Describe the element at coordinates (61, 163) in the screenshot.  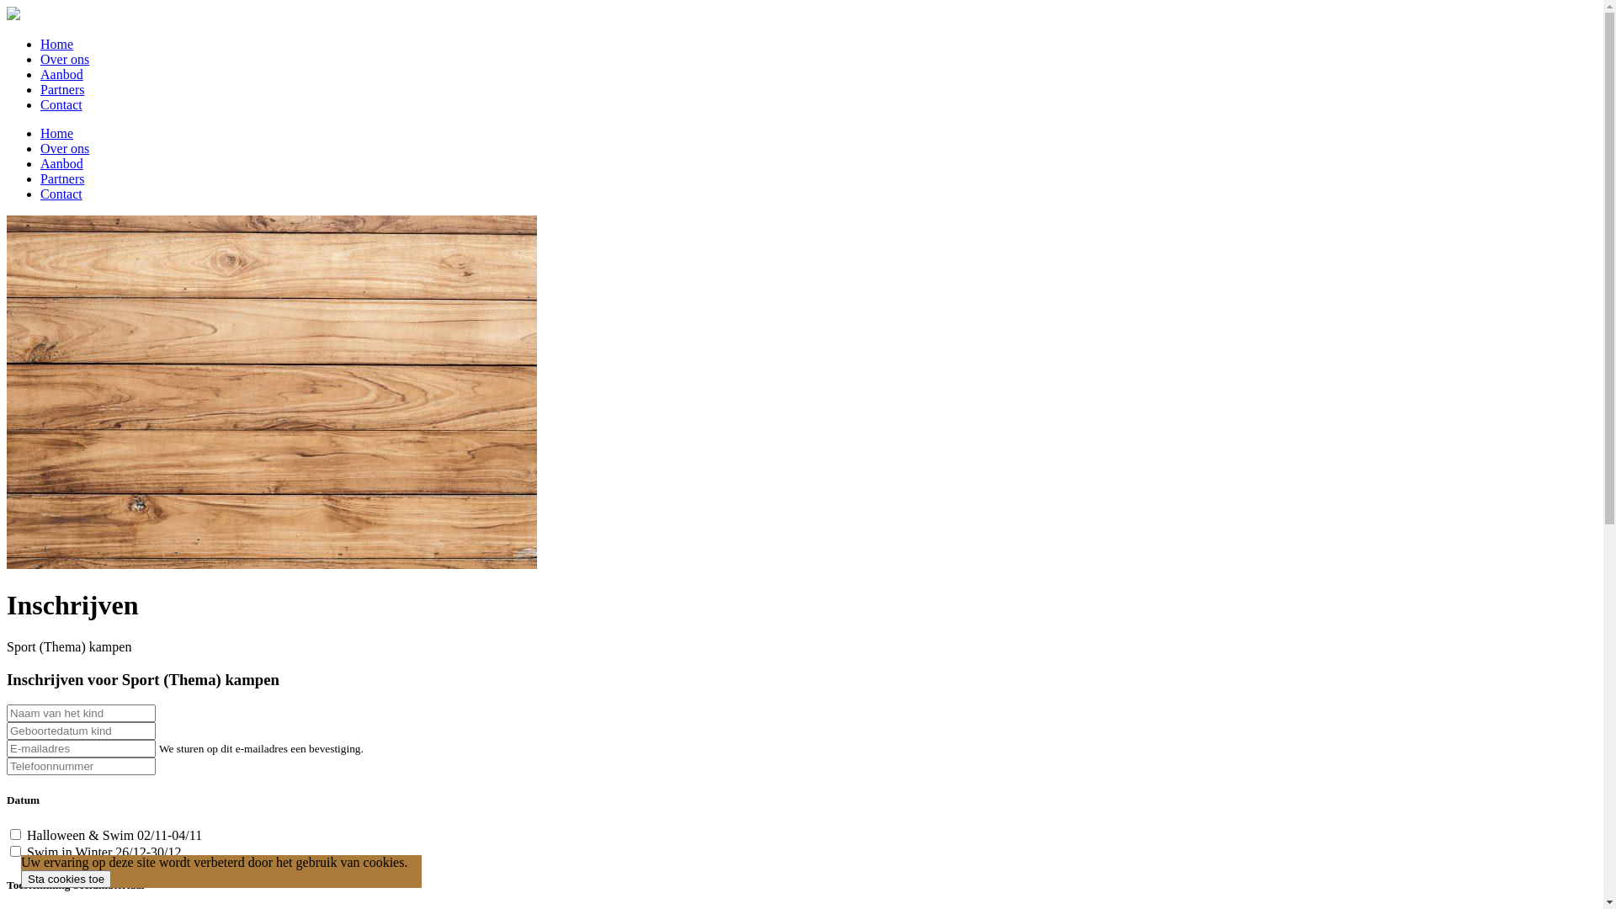
I see `'Aanbod'` at that location.